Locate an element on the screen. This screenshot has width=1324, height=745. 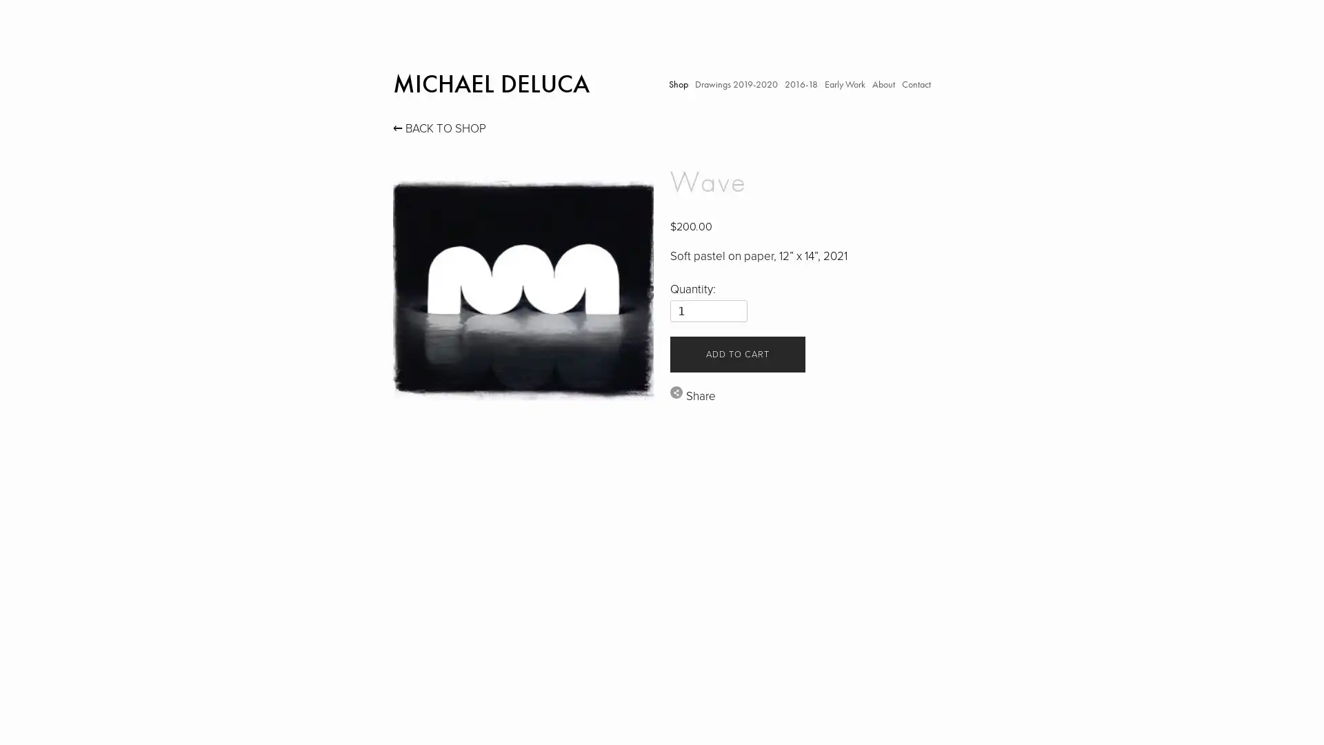
ADD TO CART is located at coordinates (736, 353).